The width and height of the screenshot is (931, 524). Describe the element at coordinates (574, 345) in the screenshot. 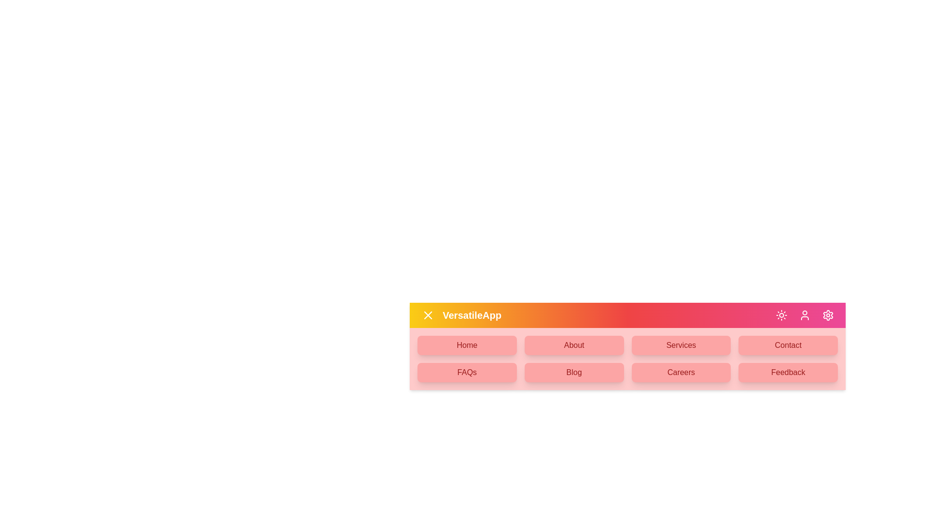

I see `the menu item About from the available options` at that location.